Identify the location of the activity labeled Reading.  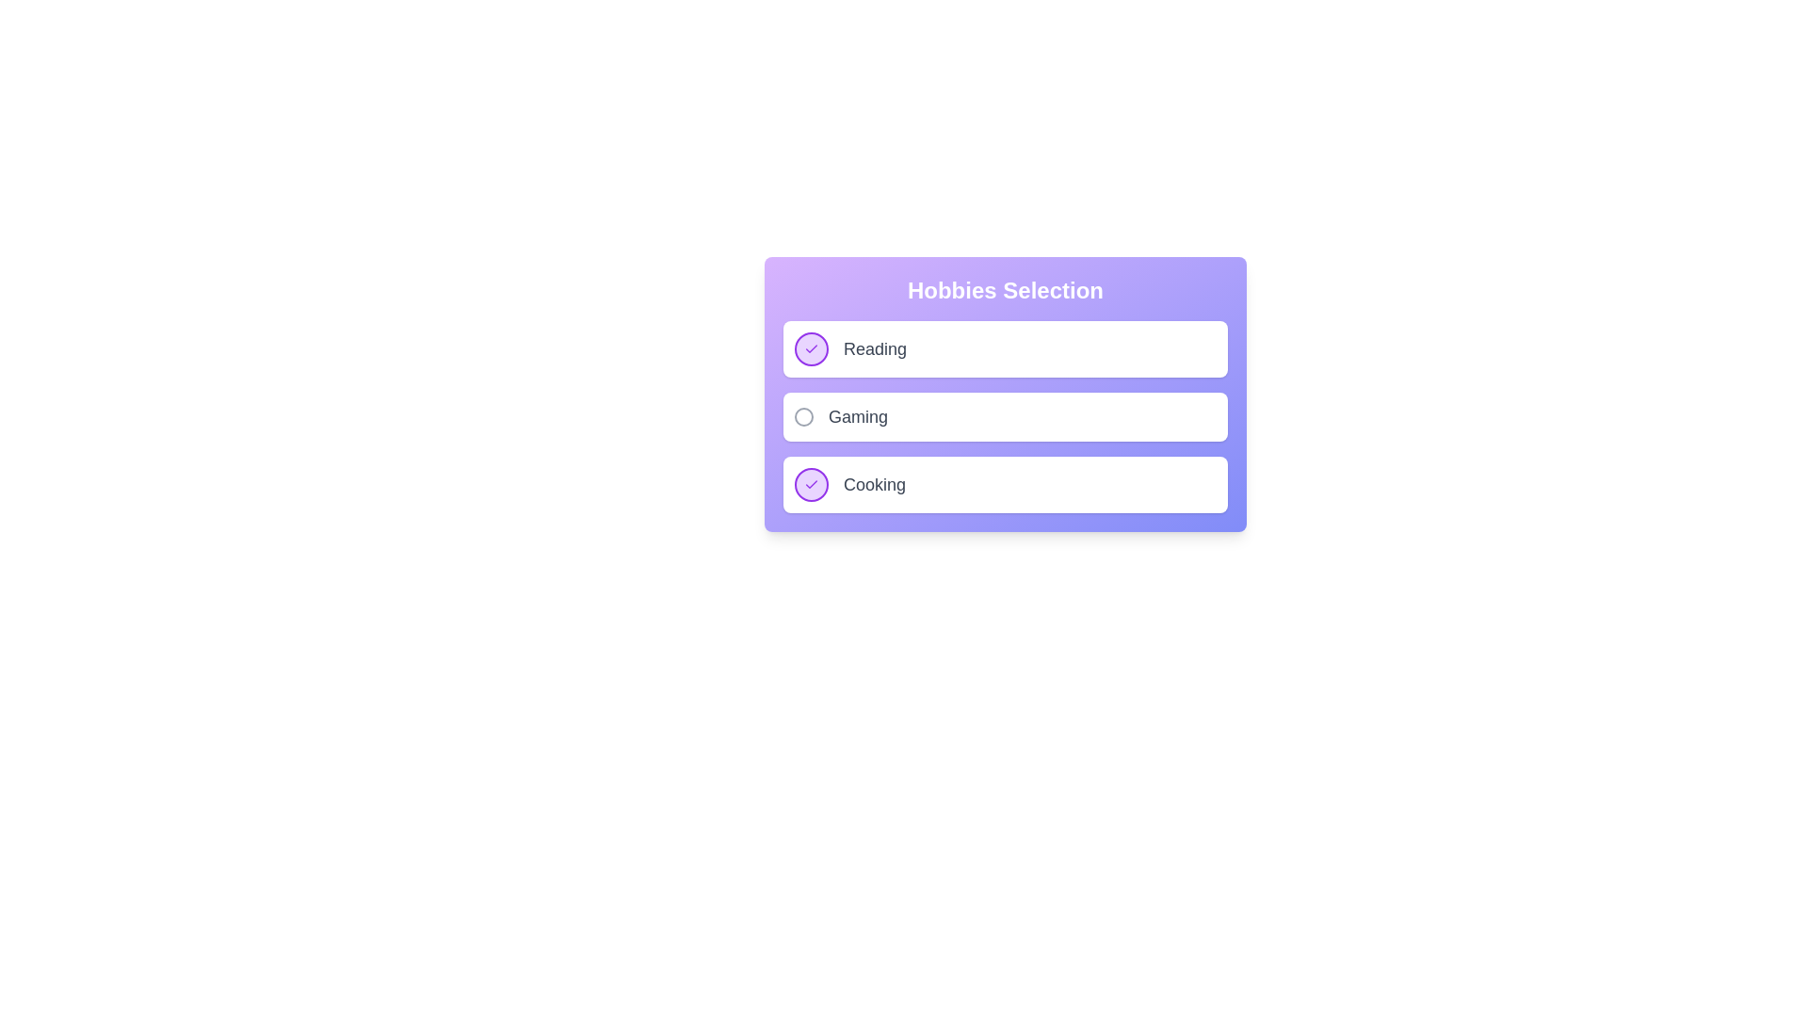
(874, 348).